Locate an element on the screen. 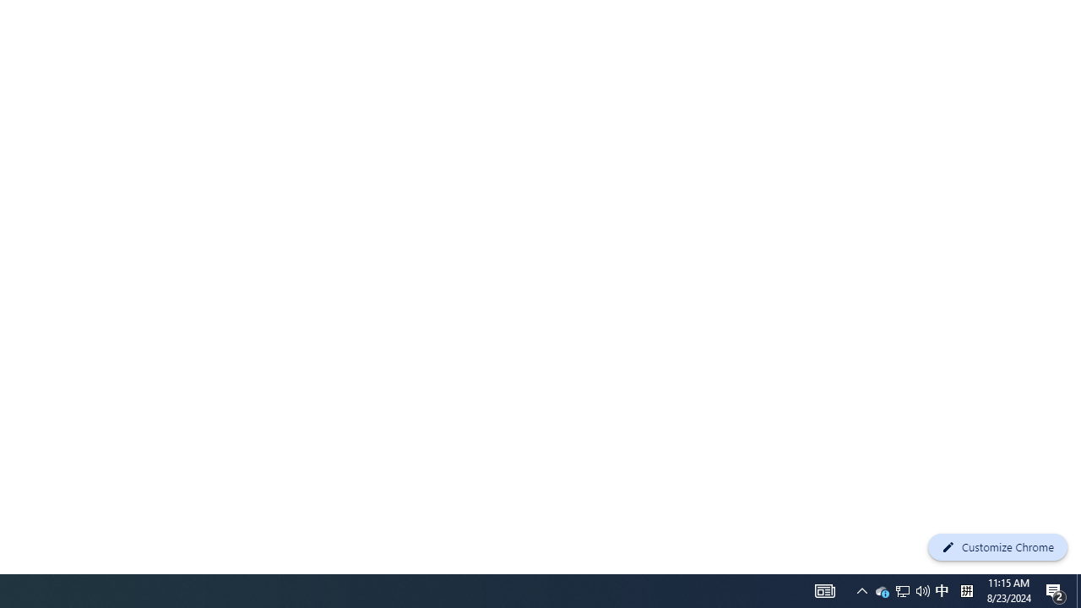  'Notification Chevron' is located at coordinates (825, 589).